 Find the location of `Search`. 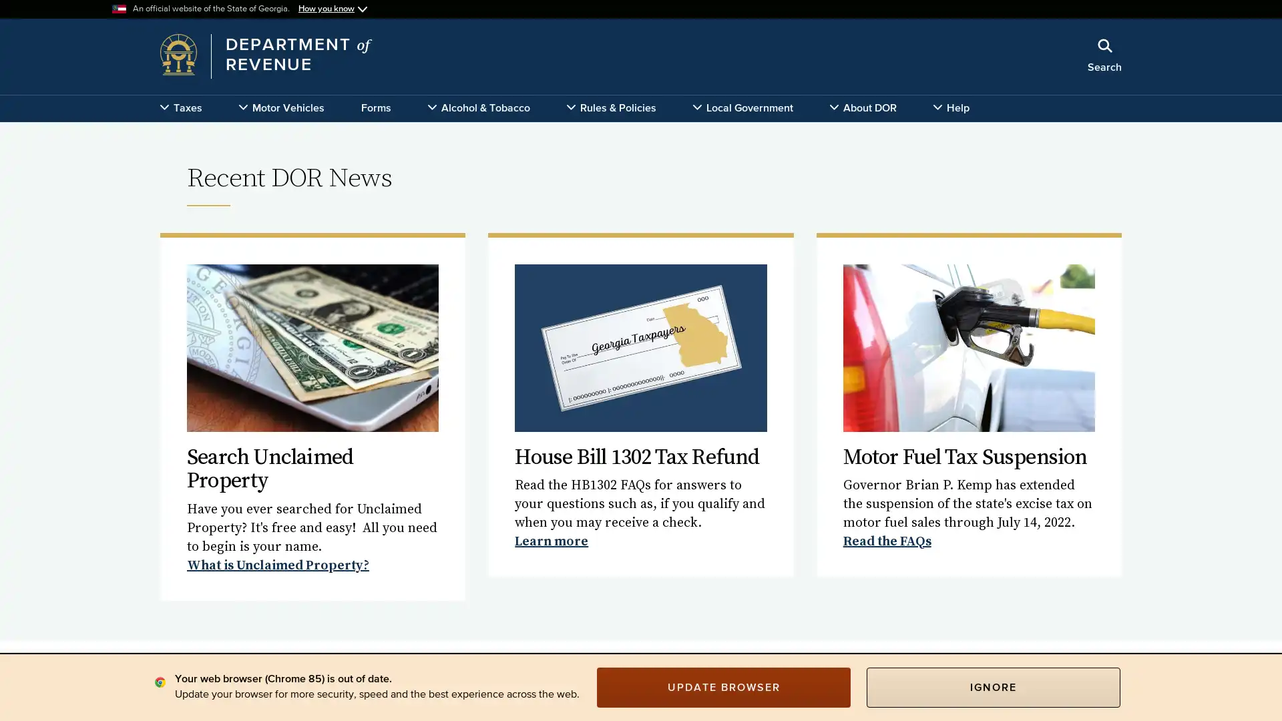

Search is located at coordinates (1050, 188).